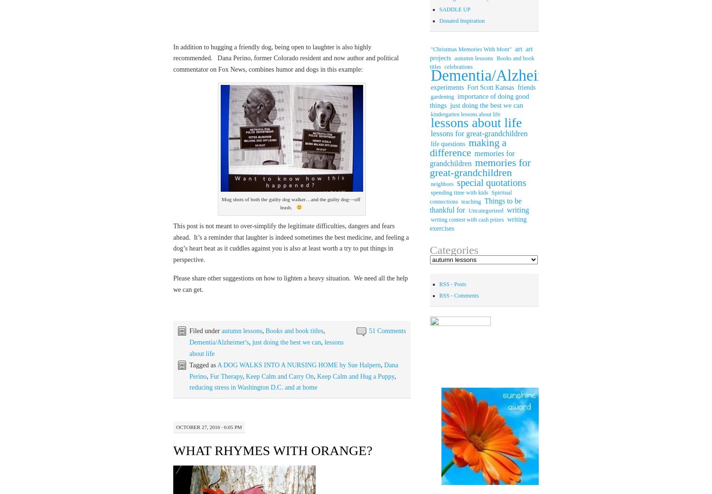 Image resolution: width=712 pixels, height=494 pixels. What do you see at coordinates (442, 184) in the screenshot?
I see `'neighbors'` at bounding box center [442, 184].